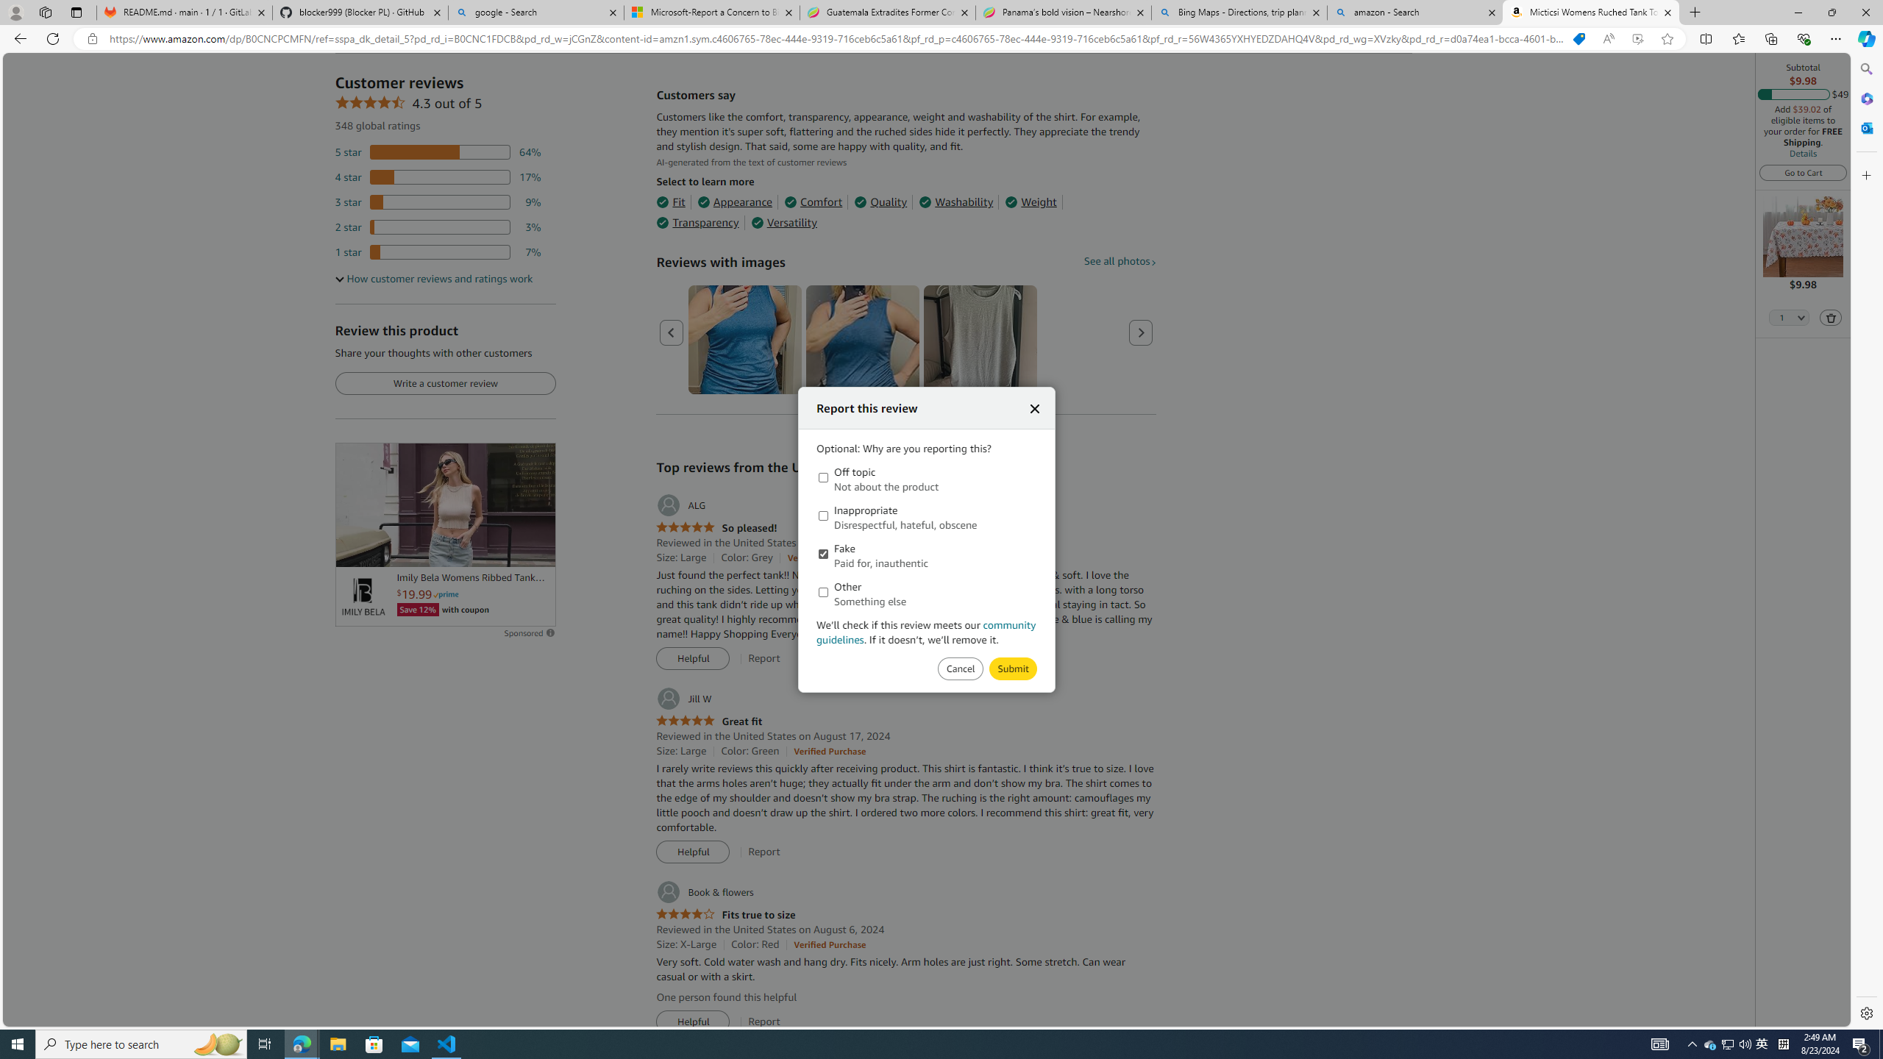 This screenshot has width=1883, height=1059. I want to click on '9 percent of reviews have 3 stars', so click(438, 202).